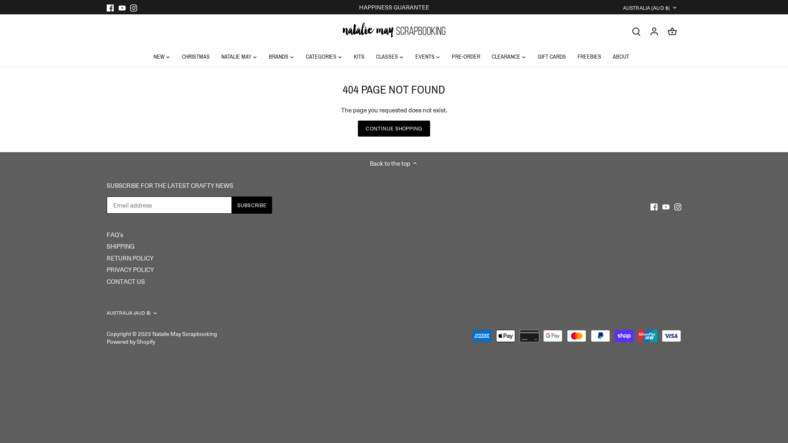  Describe the element at coordinates (678, 206) in the screenshot. I see `'Instagram'` at that location.